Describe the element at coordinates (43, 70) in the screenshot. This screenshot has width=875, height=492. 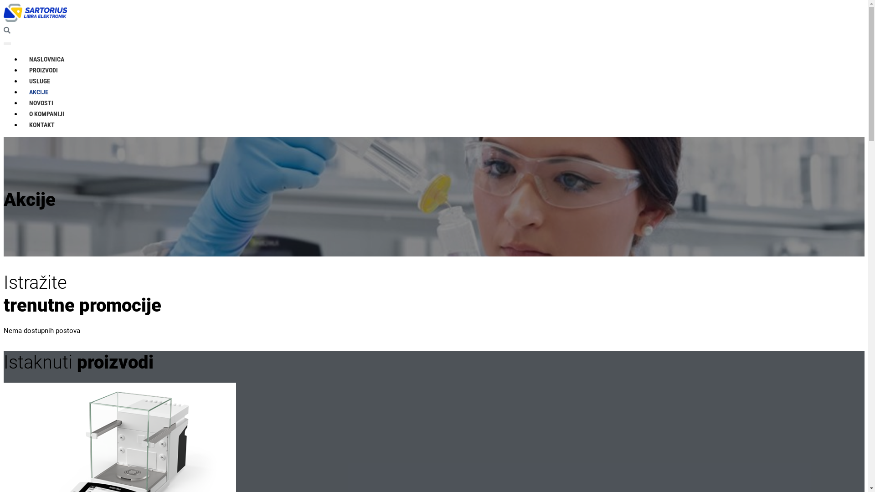
I see `'PROIZVODI'` at that location.